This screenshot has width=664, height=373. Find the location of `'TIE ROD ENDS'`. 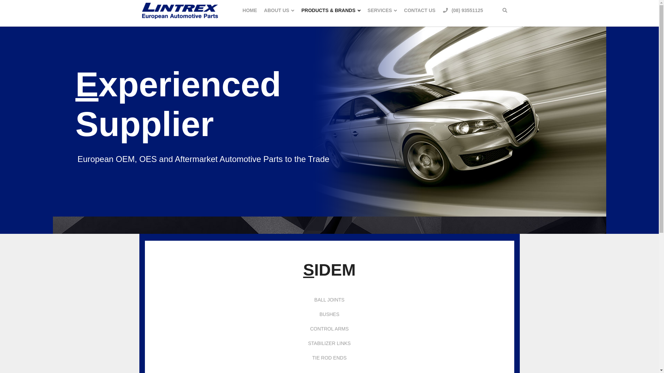

'TIE ROD ENDS' is located at coordinates (329, 357).